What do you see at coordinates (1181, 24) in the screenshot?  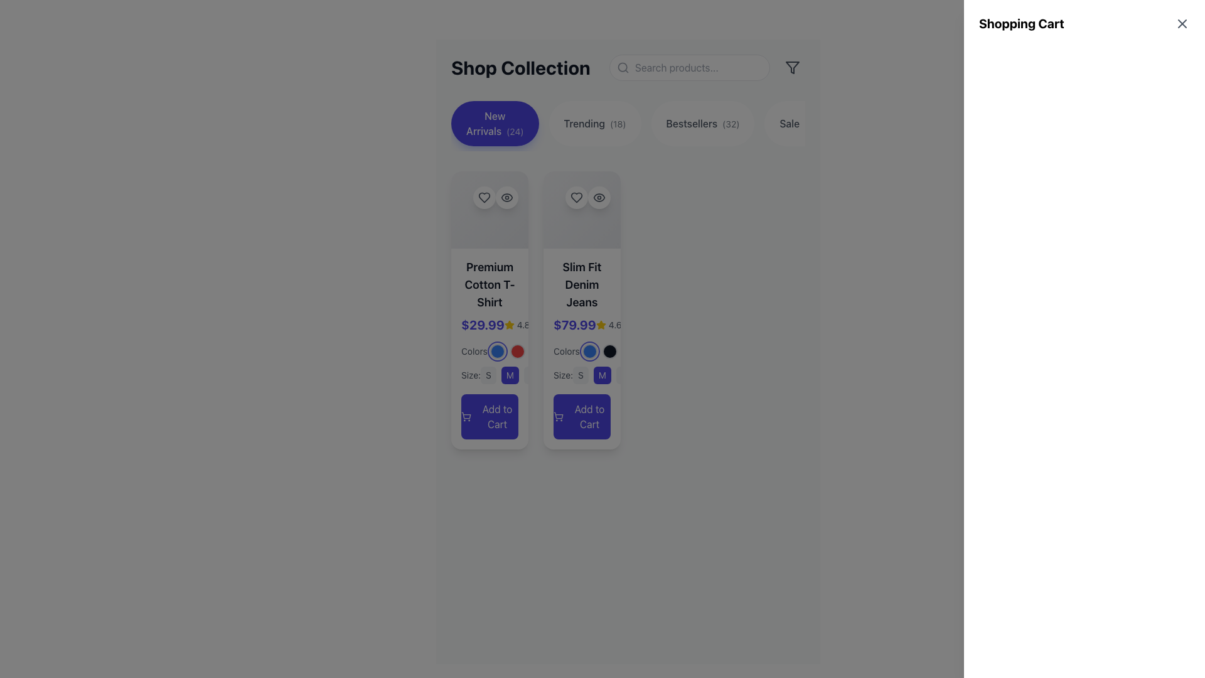 I see `the small 'X' icon button in the top-right corner of the interface` at bounding box center [1181, 24].